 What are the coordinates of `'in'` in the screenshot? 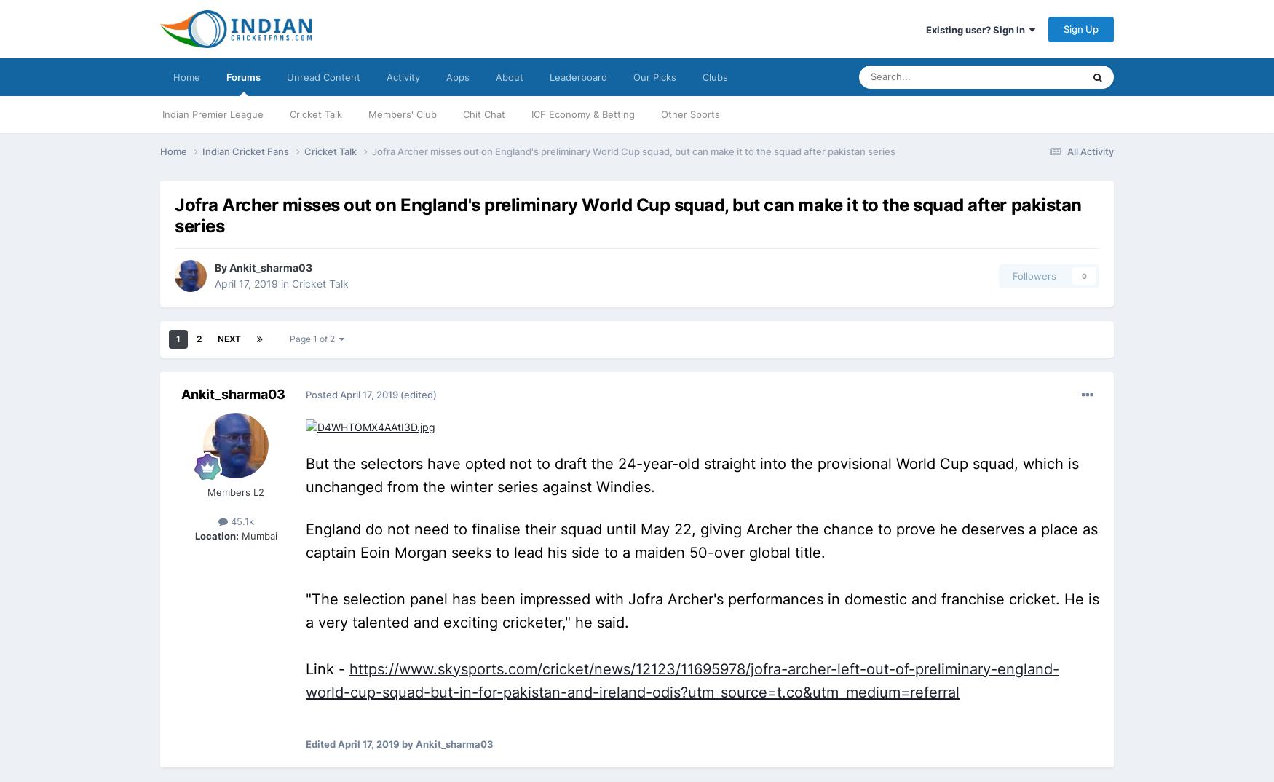 It's located at (284, 283).